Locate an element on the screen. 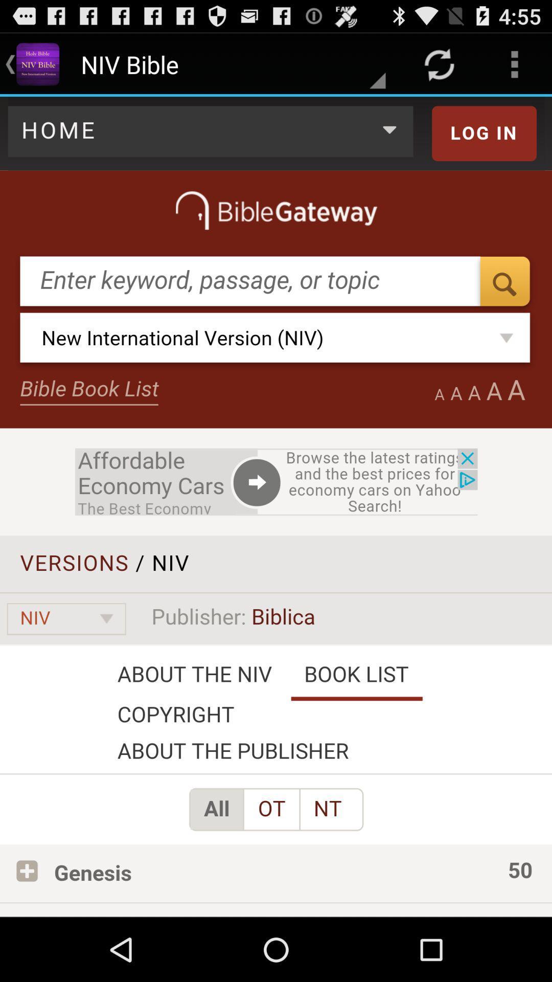 The image size is (552, 982). home page is located at coordinates (276, 506).